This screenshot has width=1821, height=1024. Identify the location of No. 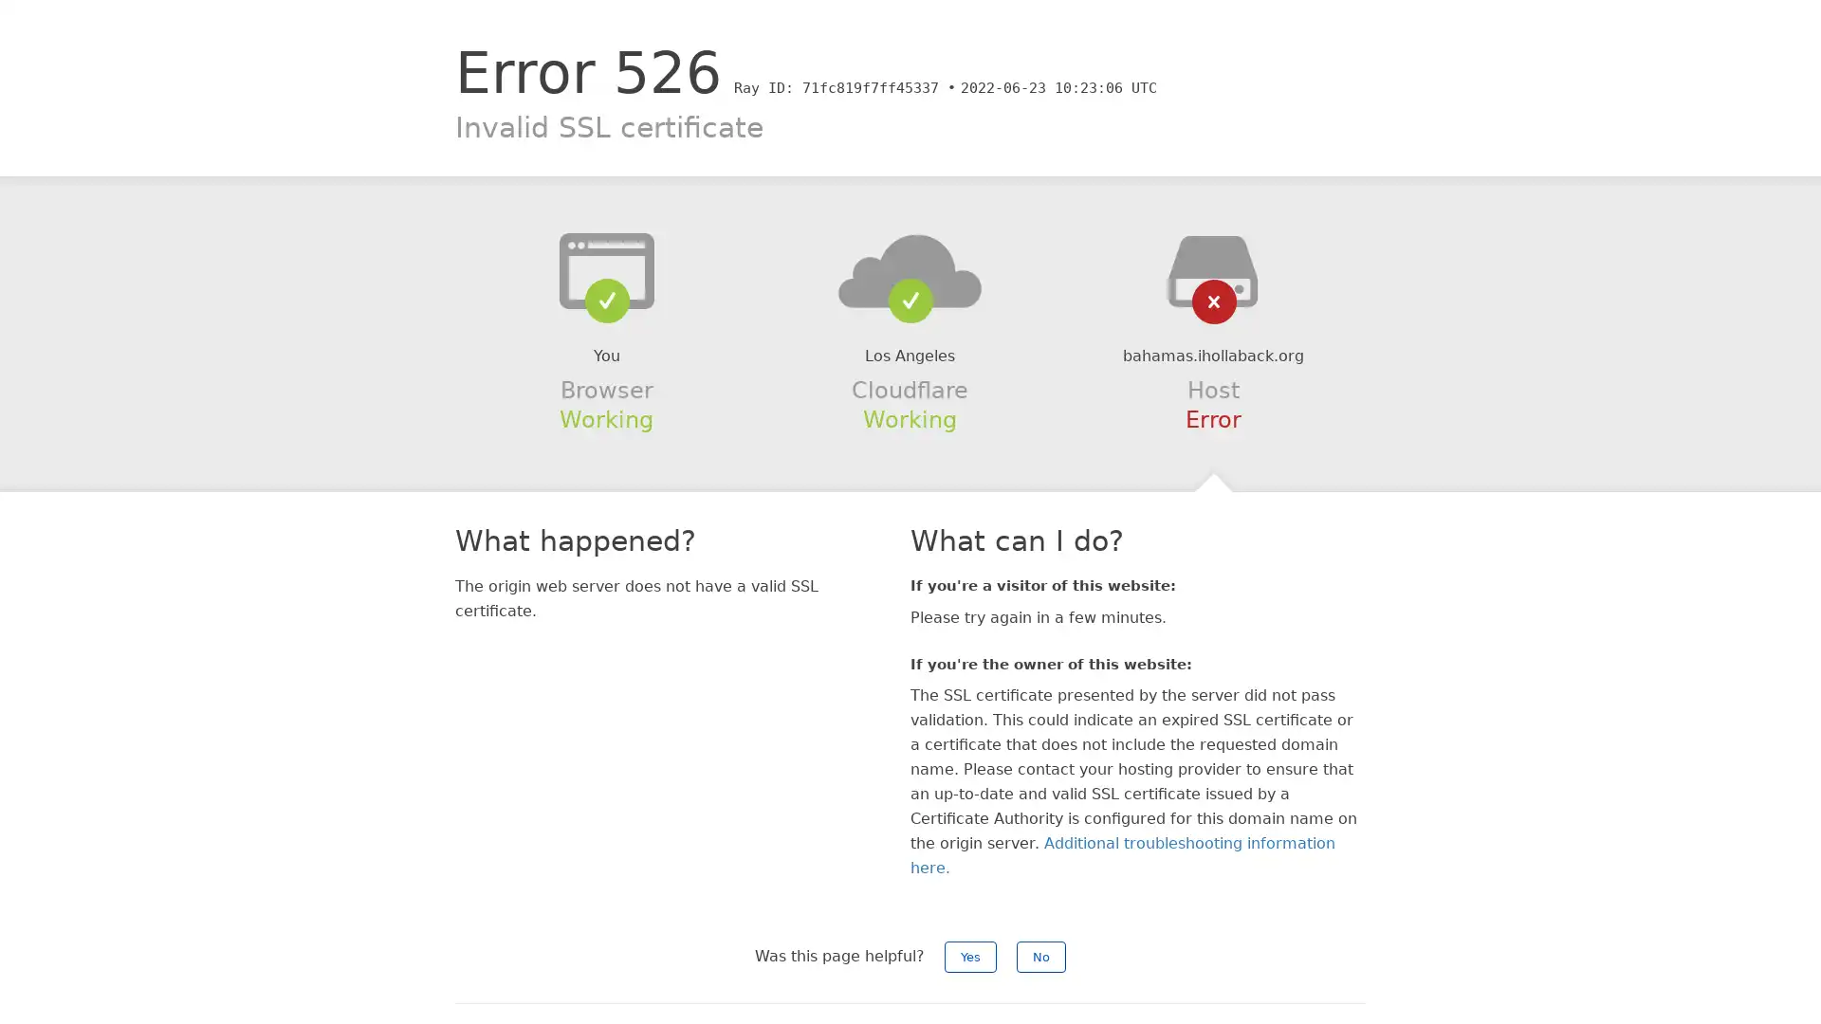
(1040, 957).